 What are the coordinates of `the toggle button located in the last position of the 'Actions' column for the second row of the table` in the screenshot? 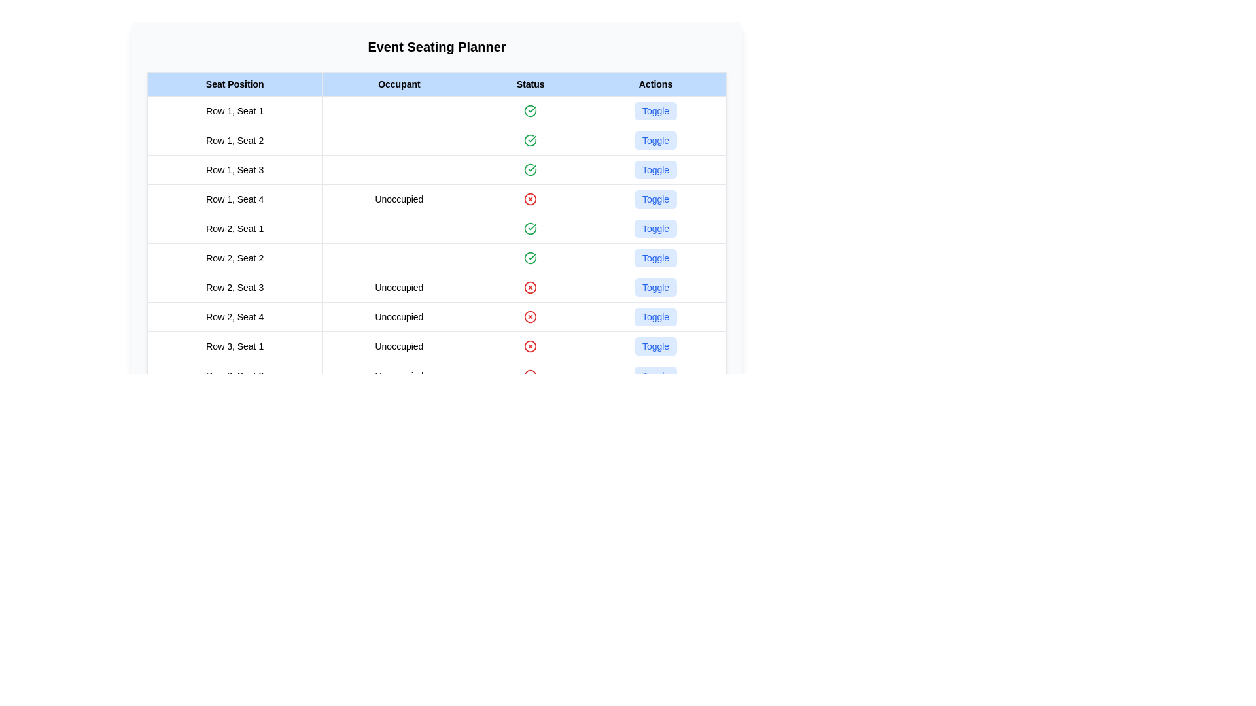 It's located at (655, 317).